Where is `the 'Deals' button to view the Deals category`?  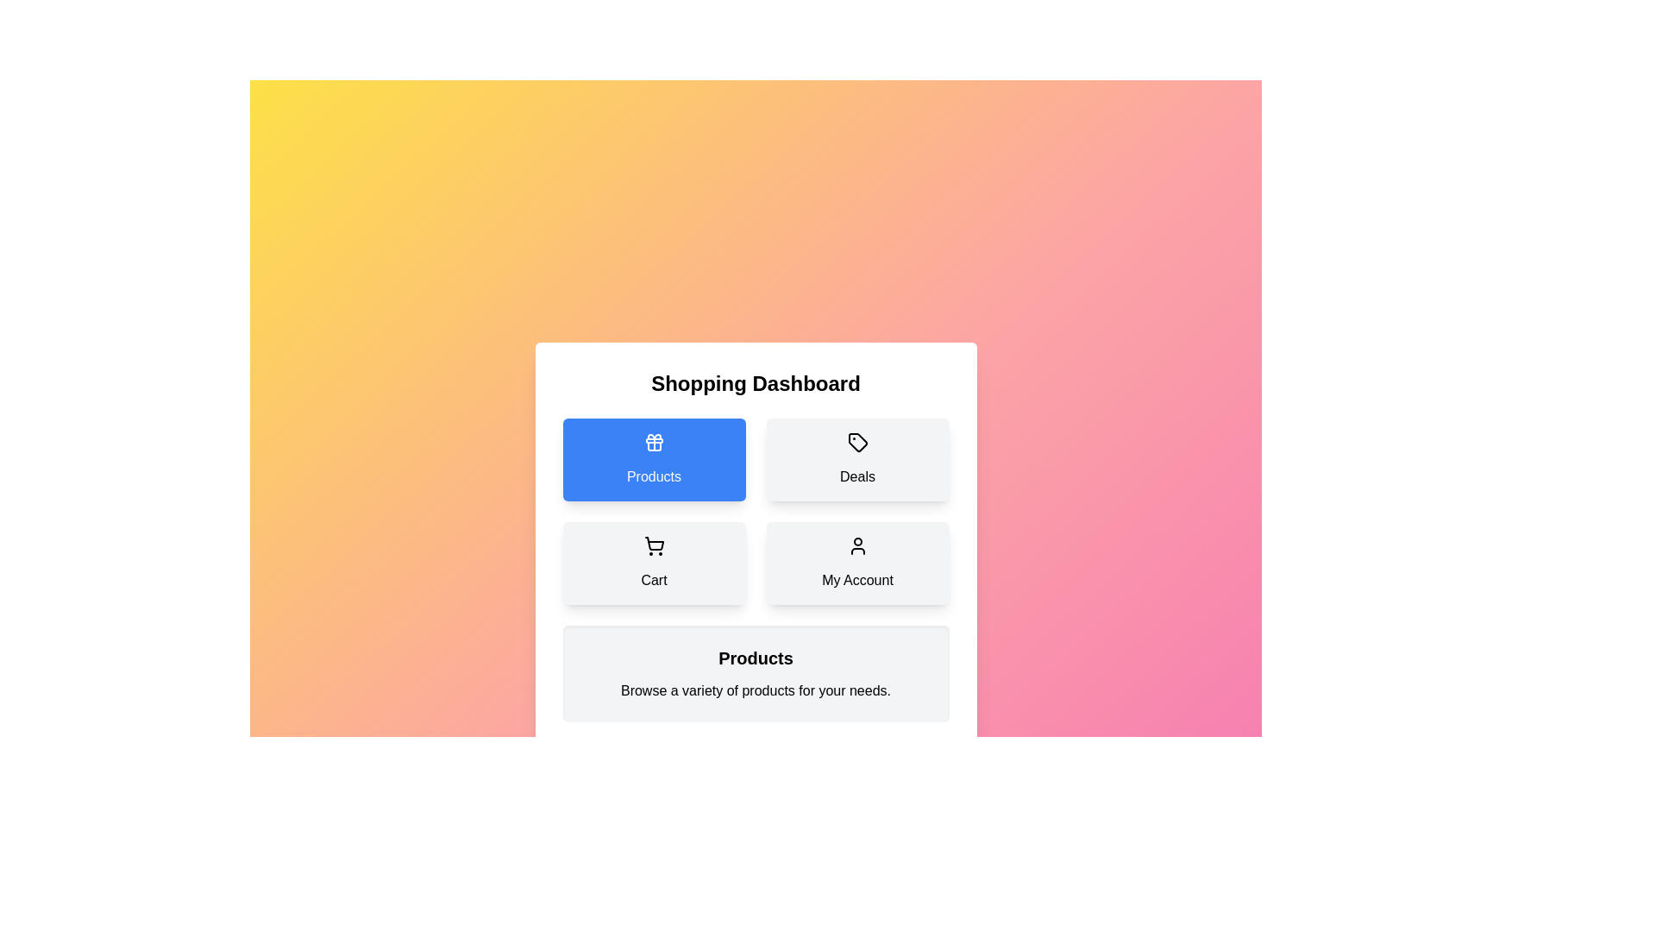 the 'Deals' button to view the Deals category is located at coordinates (857, 458).